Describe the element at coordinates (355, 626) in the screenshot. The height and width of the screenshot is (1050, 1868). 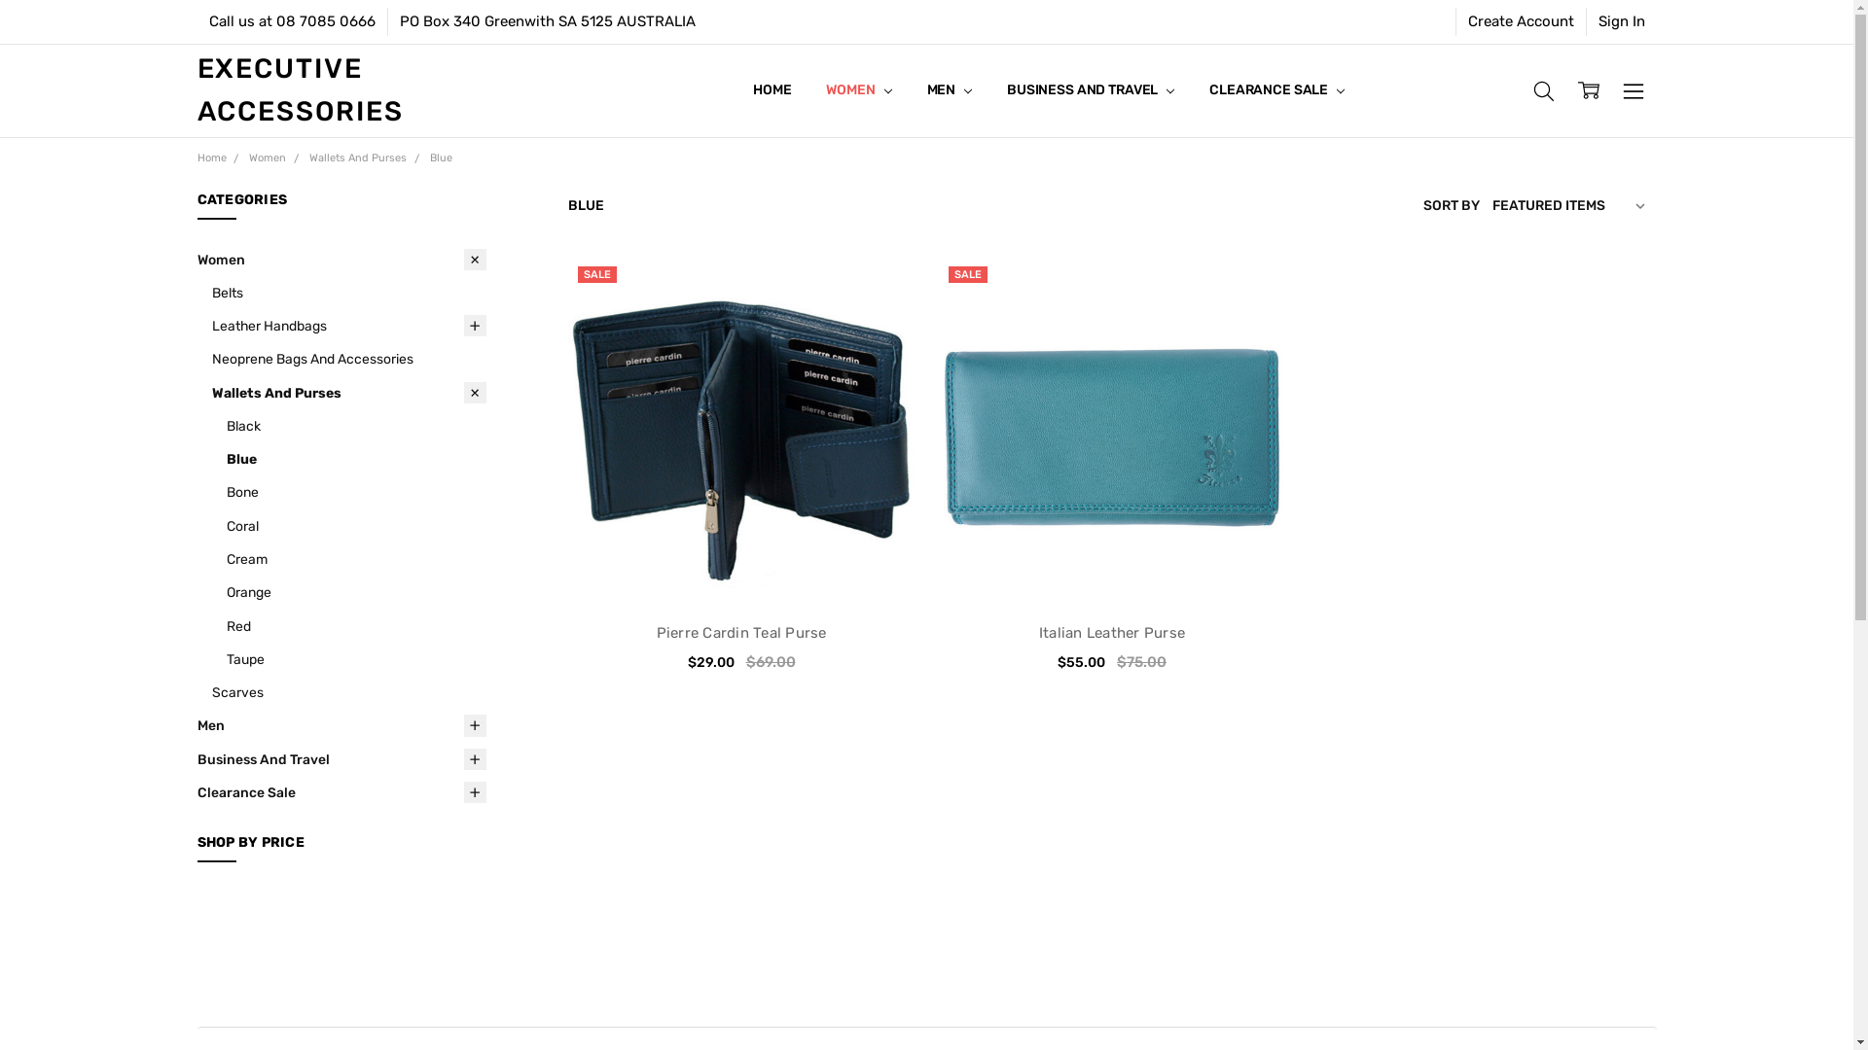
I see `'Red'` at that location.